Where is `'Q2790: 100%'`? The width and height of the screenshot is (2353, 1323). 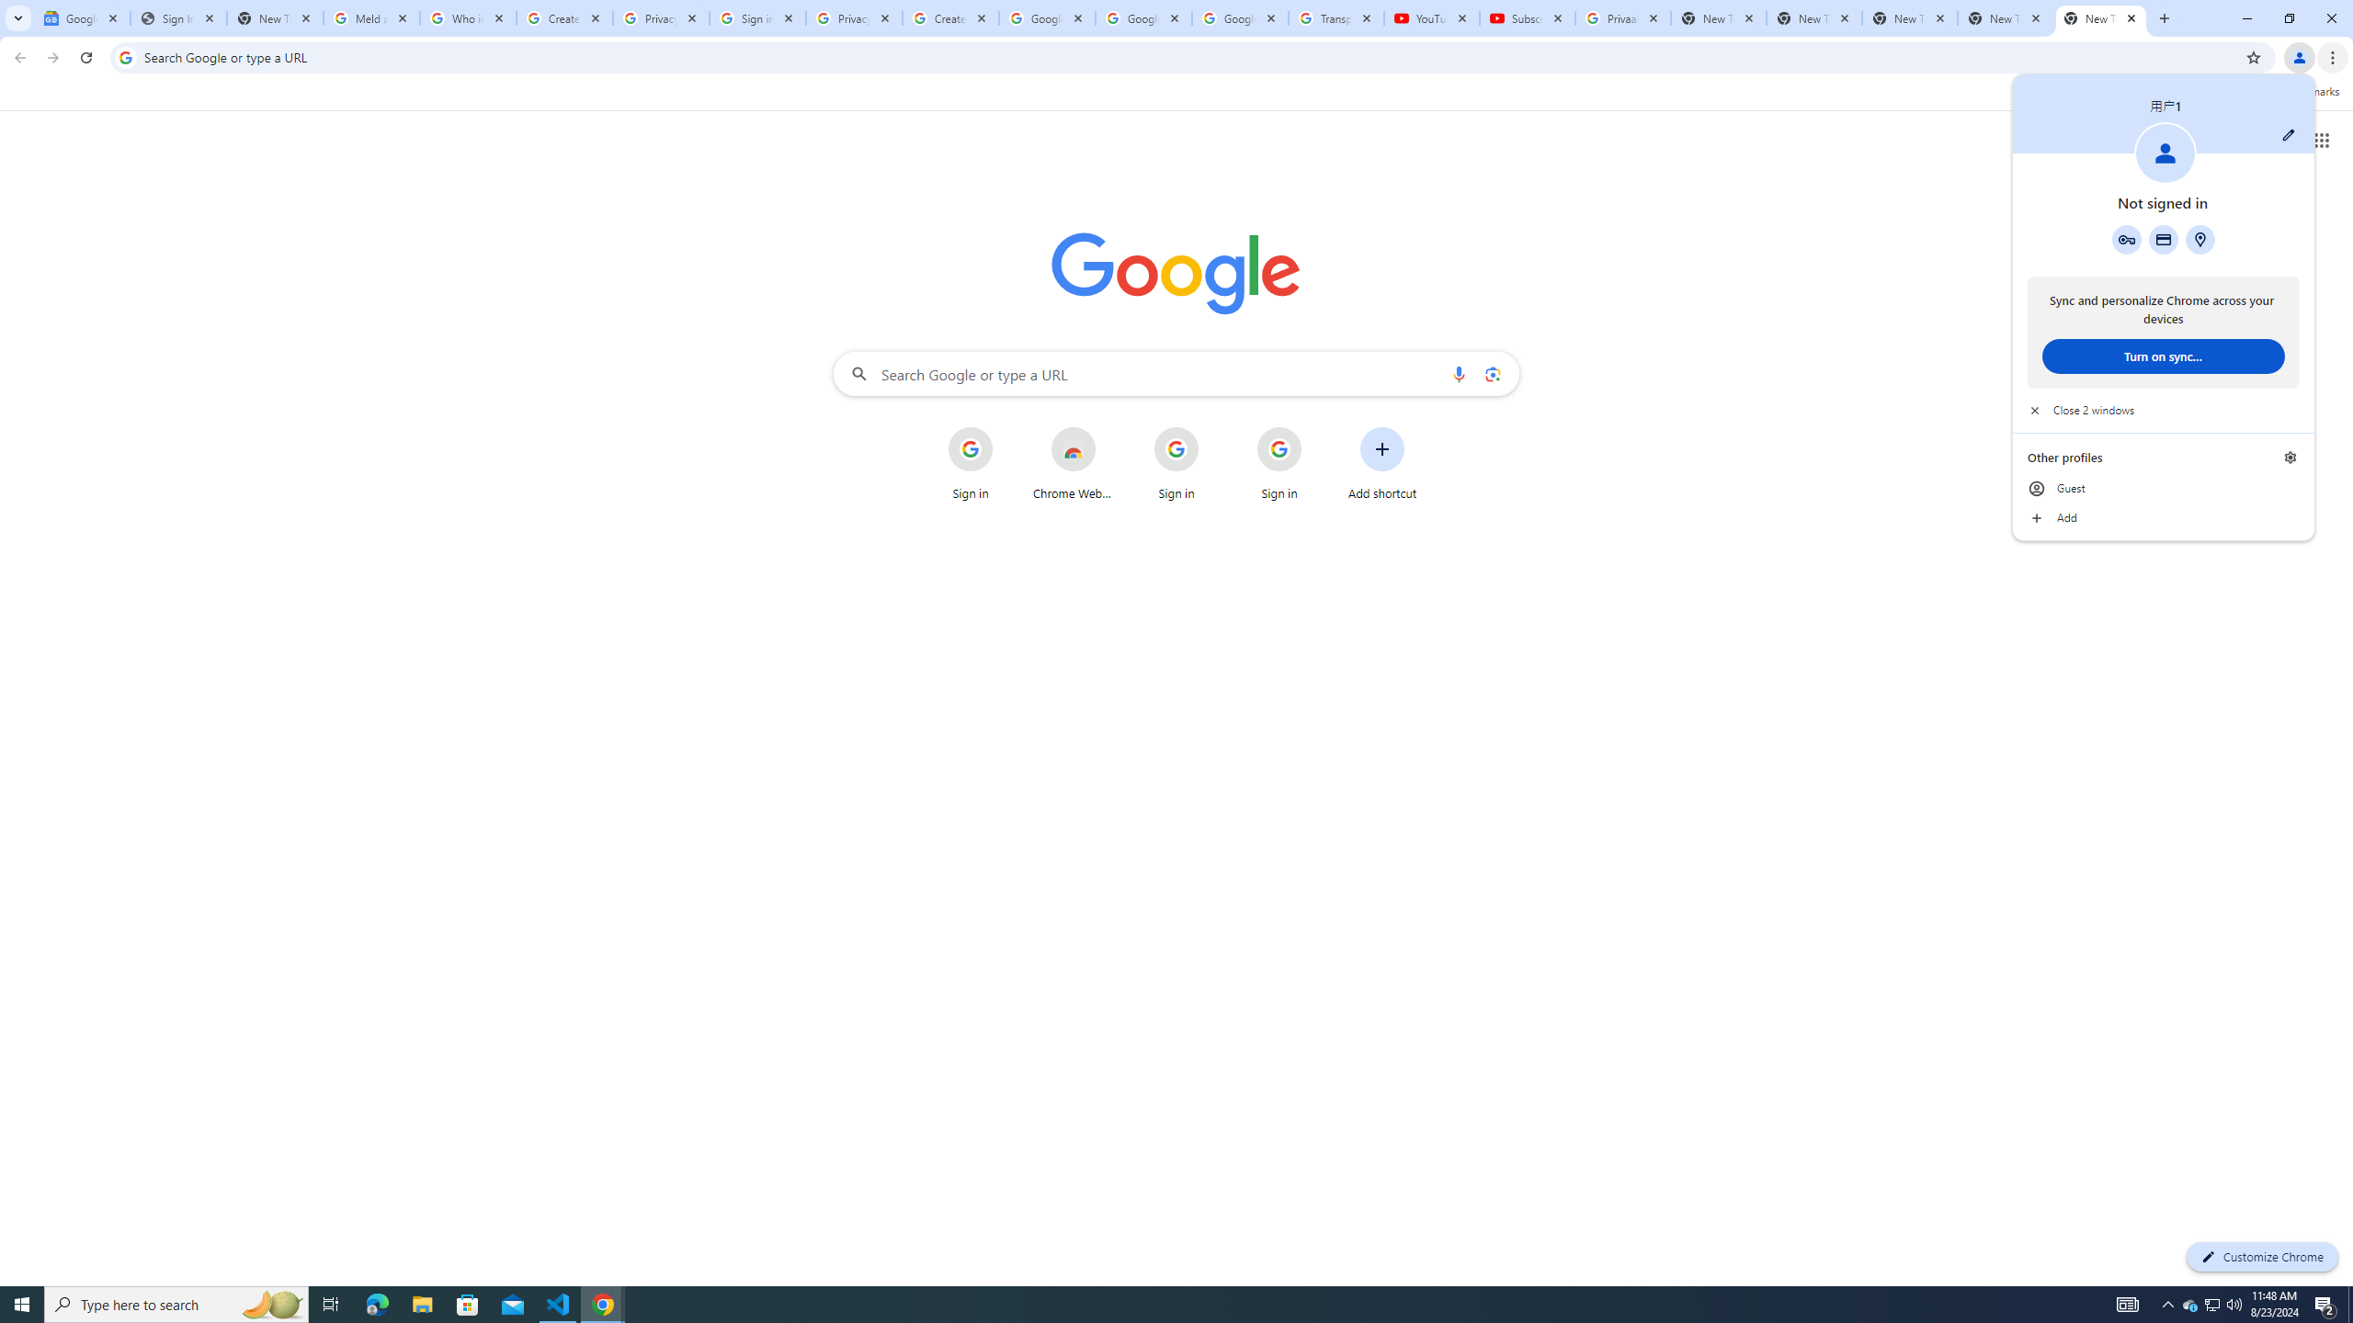 'Q2790: 100%' is located at coordinates (2233, 1303).